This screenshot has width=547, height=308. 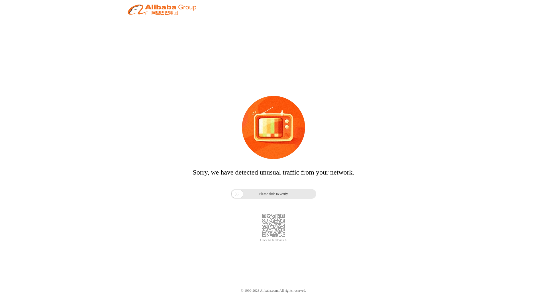 I want to click on 'Click to feedback >', so click(x=273, y=240).